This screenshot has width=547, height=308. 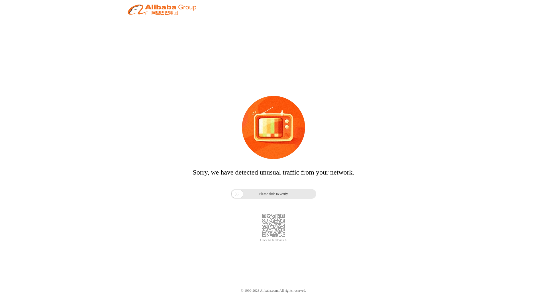 I want to click on 'Click to feedback >', so click(x=273, y=240).